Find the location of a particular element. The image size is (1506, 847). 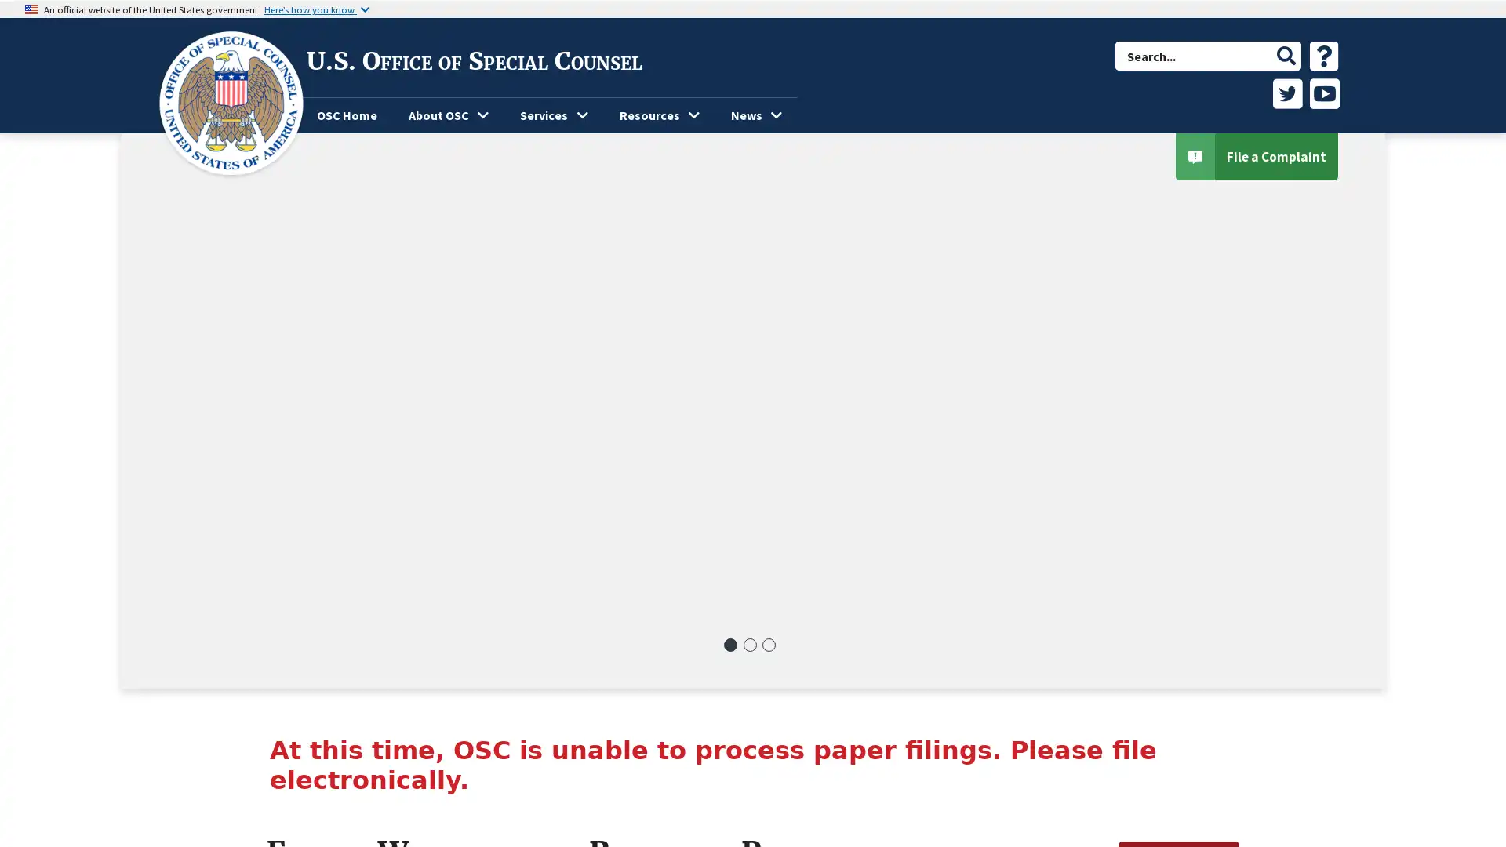

Heres how you know is located at coordinates (315, 9).